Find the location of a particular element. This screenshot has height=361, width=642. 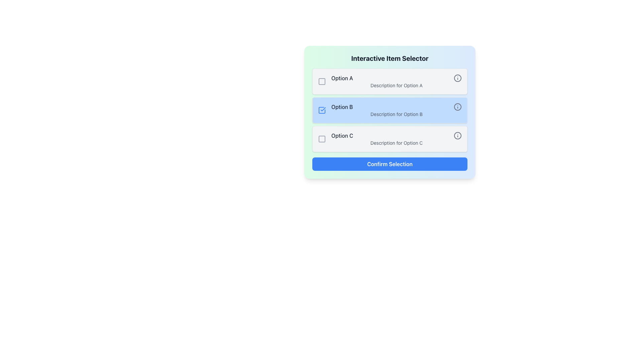

the static text element that reads 'Description for Option A', which is located directly beneath the larger text 'Option A' in the interactive item selector interface is located at coordinates (396, 85).